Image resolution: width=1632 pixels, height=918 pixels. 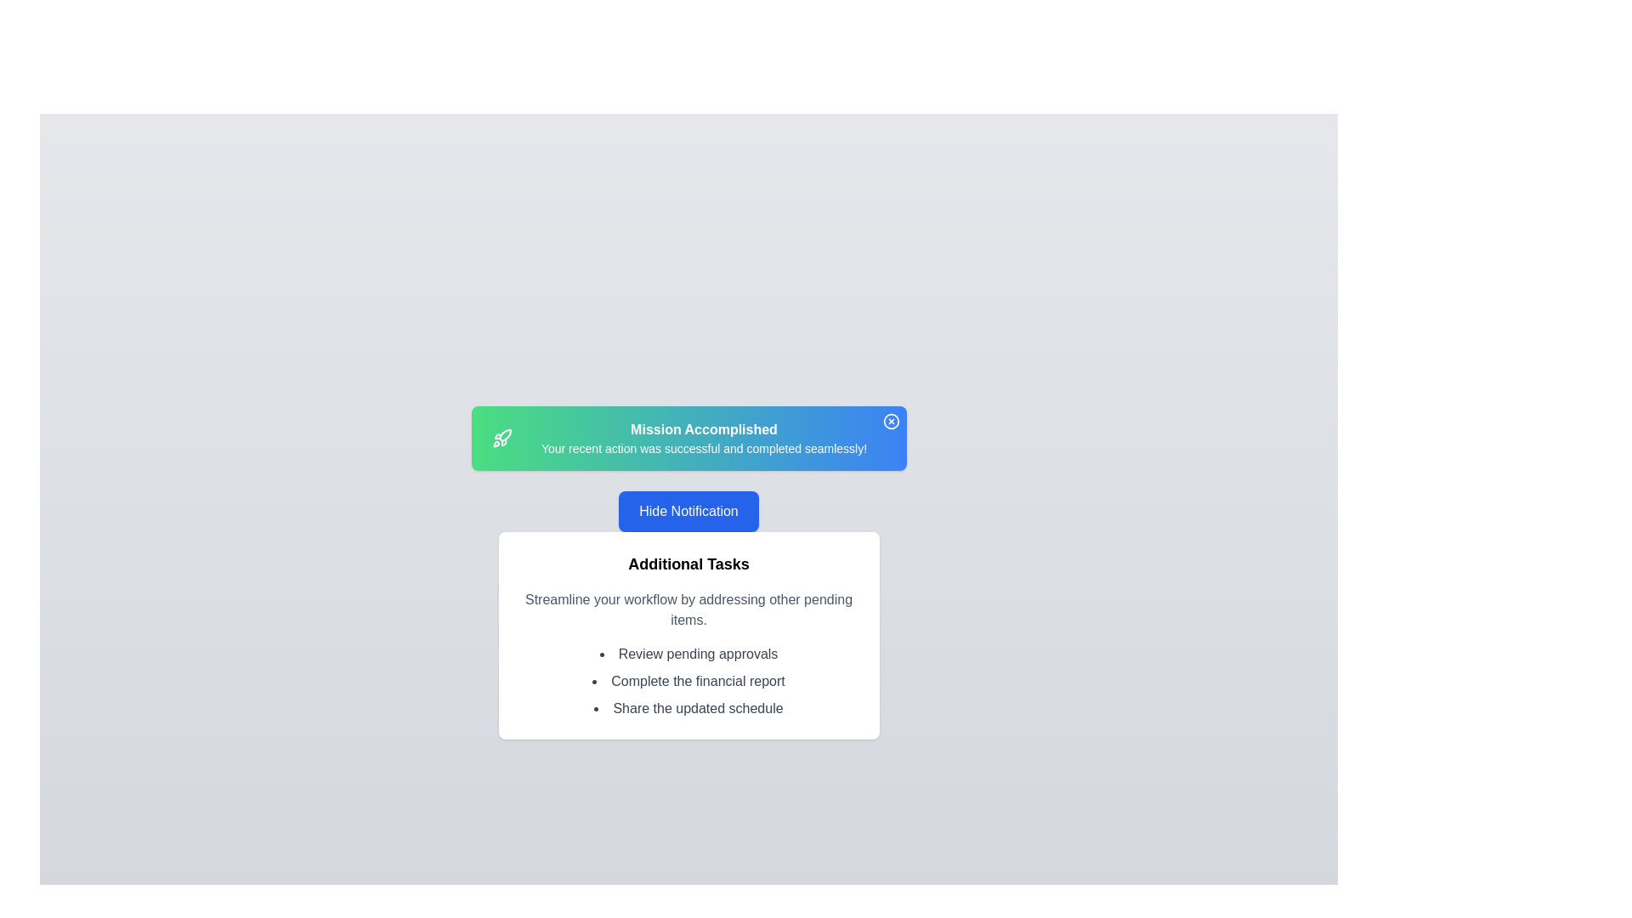 I want to click on 'Hide Notification' button to hide the notification, so click(x=688, y=510).